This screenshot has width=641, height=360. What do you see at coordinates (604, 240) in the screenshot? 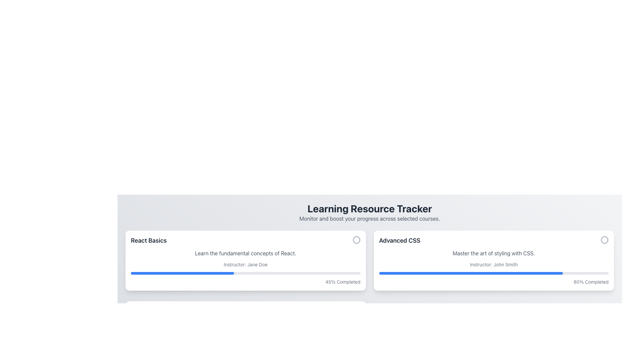
I see `the circular SVG vector graphics object located in the top-right corner of the 'Advanced CSS' card` at bounding box center [604, 240].